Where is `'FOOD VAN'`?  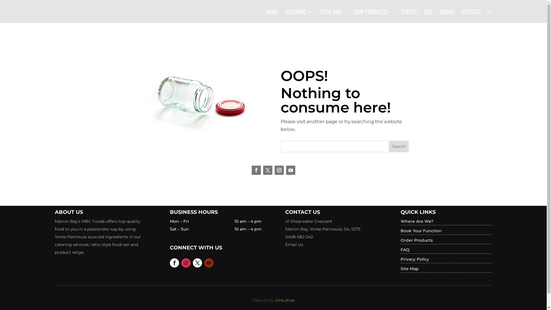
'FOOD VAN' is located at coordinates (333, 16).